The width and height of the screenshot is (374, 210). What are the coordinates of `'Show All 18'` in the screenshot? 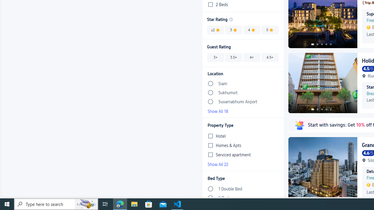 It's located at (243, 111).